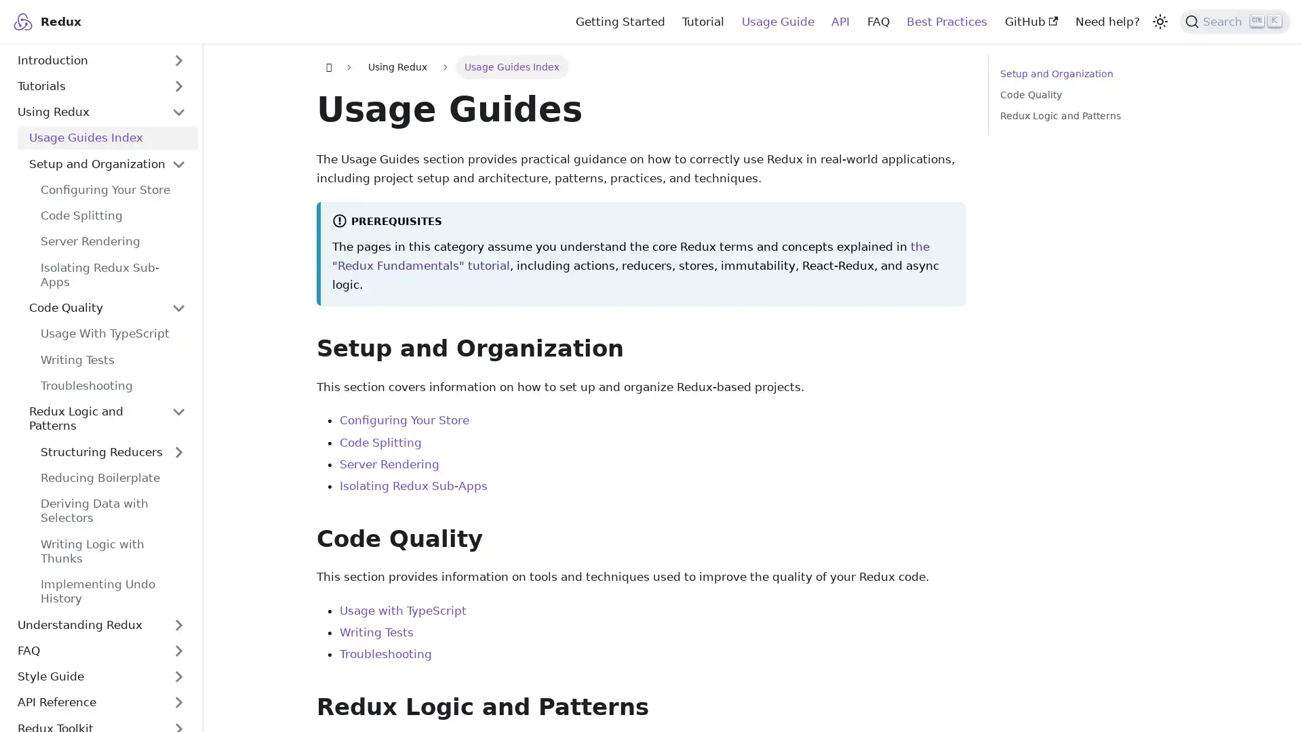 Image resolution: width=1302 pixels, height=732 pixels. What do you see at coordinates (1158, 20) in the screenshot?
I see `Switch between dark and light mode (currently light mode)` at bounding box center [1158, 20].